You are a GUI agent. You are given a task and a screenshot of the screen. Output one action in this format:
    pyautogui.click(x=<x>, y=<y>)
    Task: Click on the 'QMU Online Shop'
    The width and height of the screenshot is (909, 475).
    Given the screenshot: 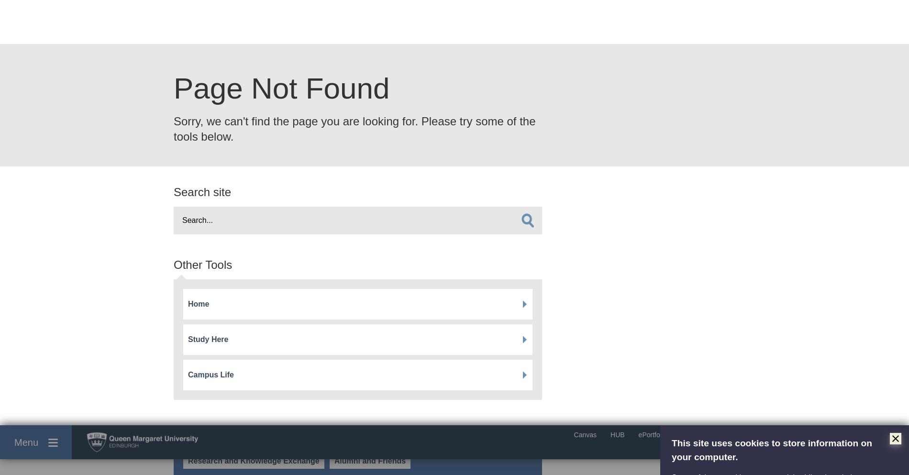 What is the action you would take?
    pyautogui.click(x=628, y=409)
    